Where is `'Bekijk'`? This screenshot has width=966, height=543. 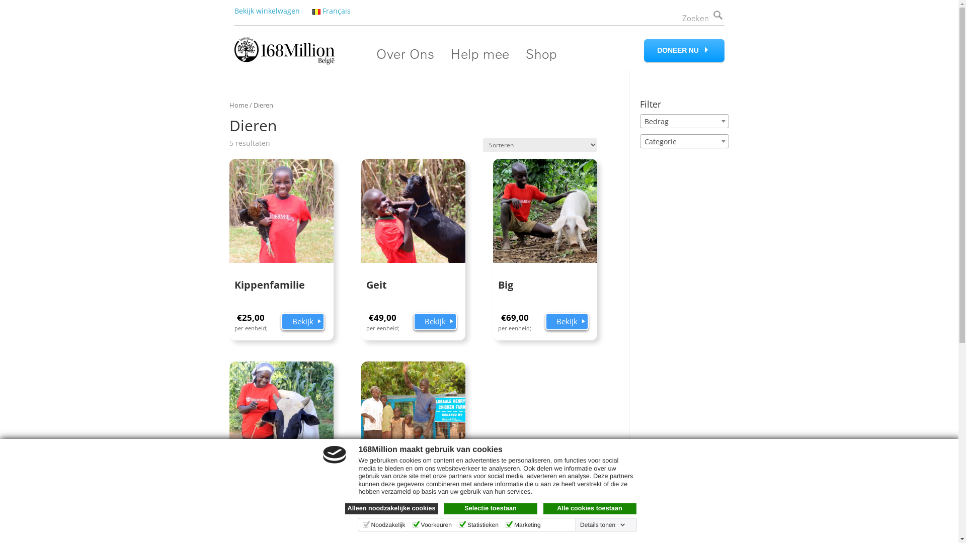
'Bekijk' is located at coordinates (302, 322).